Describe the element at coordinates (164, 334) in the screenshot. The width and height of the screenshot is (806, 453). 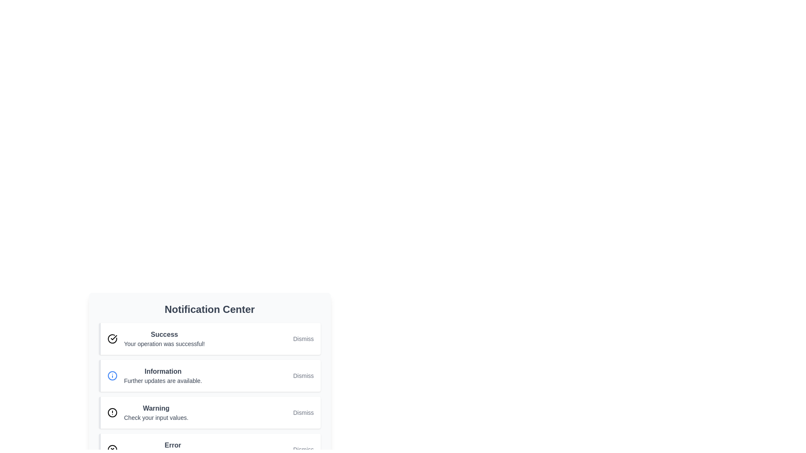
I see `the text label displaying 'Success', which is styled in bold and located within the notification card at the top of the notification center list` at that location.